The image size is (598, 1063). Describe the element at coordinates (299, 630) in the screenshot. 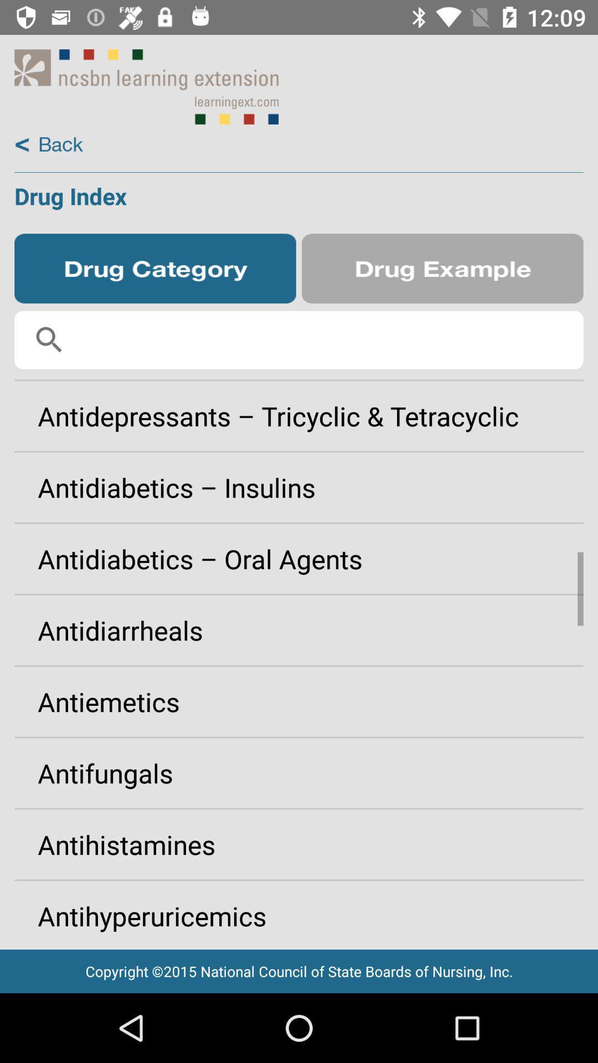

I see `icon above the antiemetics icon` at that location.